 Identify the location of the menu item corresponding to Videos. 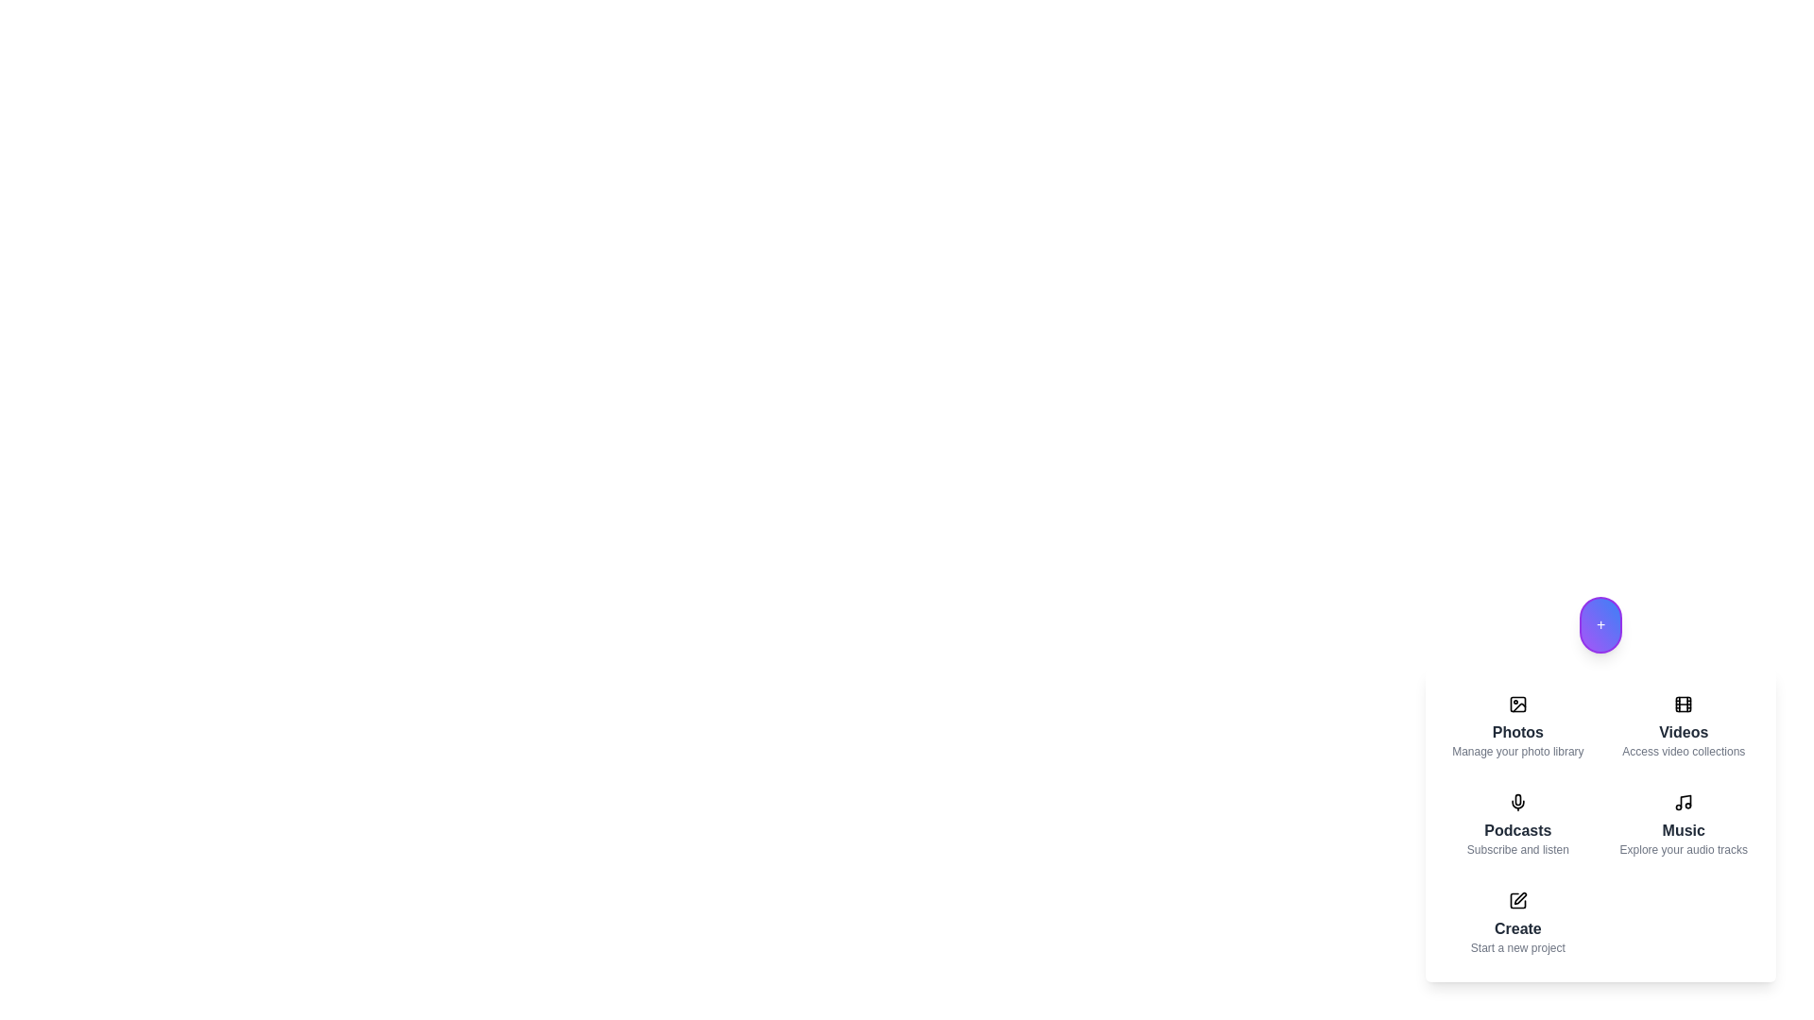
(1684, 726).